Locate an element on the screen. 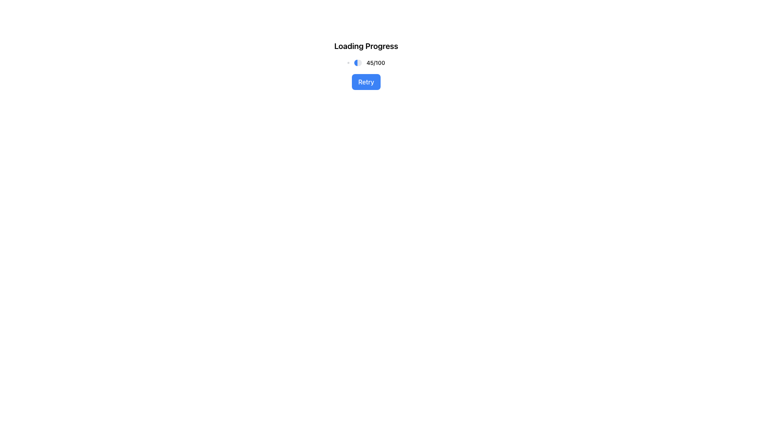 The width and height of the screenshot is (766, 430). the Progress Indicator with Text, which displays a circular blue and gray loader icon and the text '45/100', located beneath the 'Loading Progress' header is located at coordinates (365, 63).